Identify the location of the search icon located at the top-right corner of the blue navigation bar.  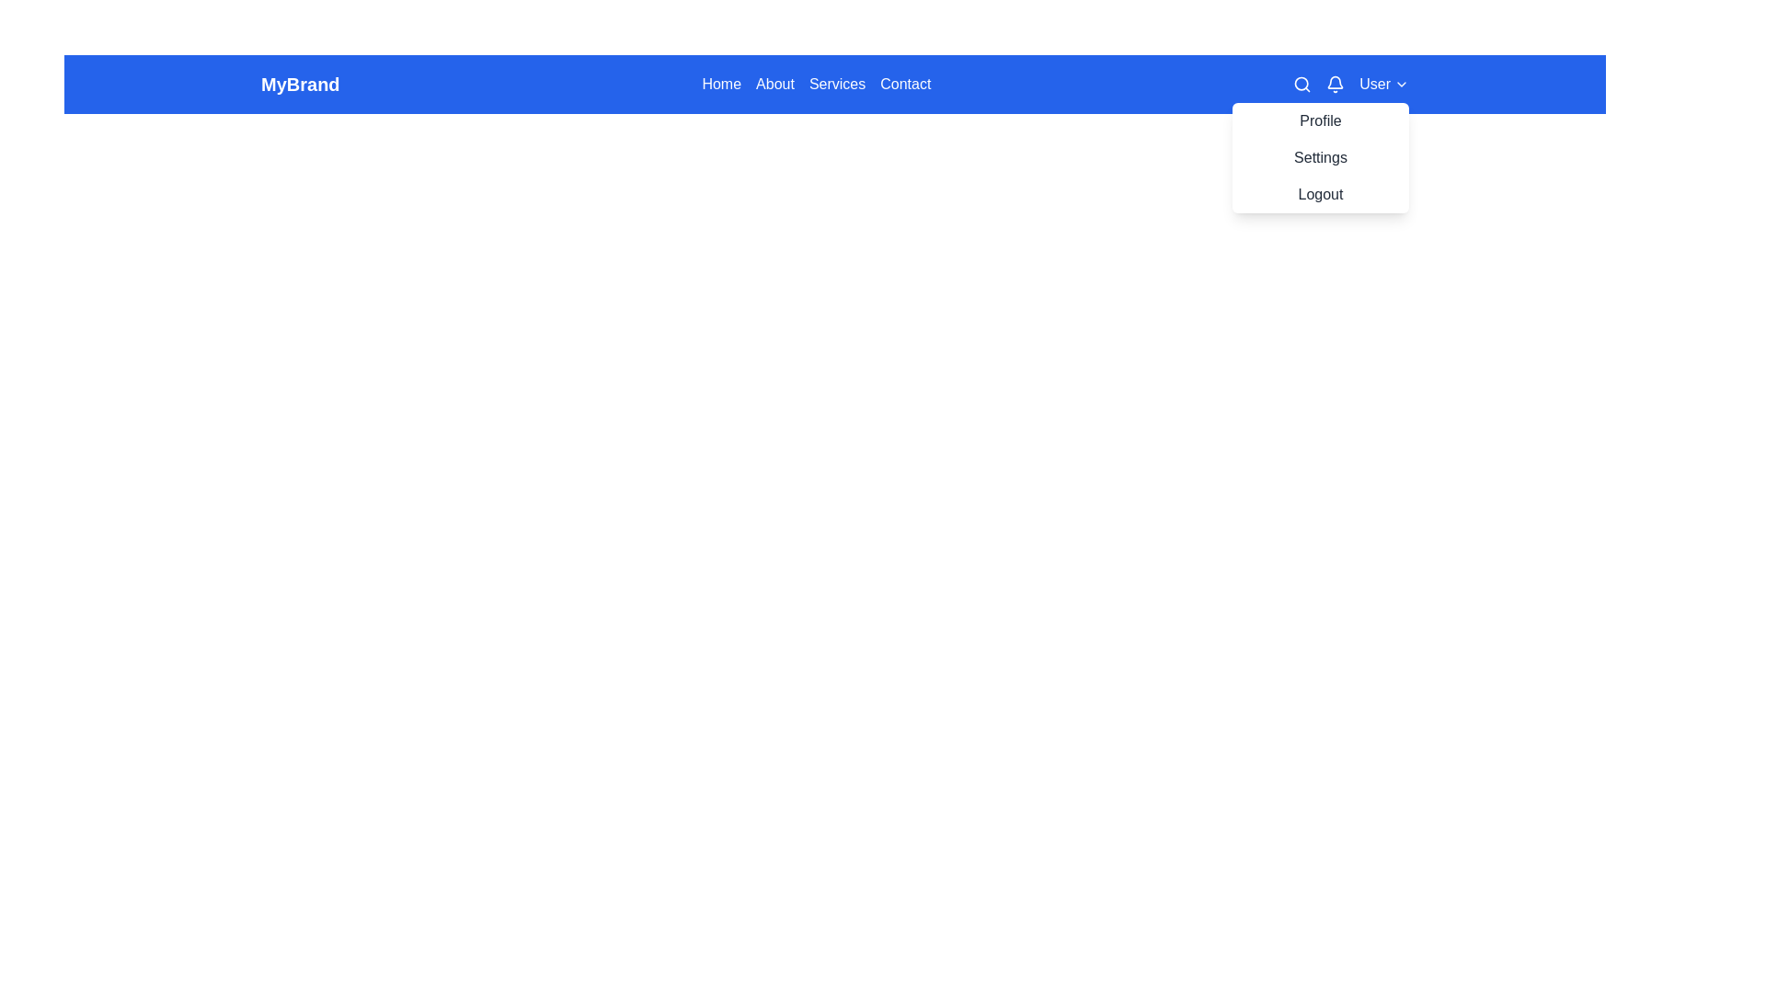
(1302, 85).